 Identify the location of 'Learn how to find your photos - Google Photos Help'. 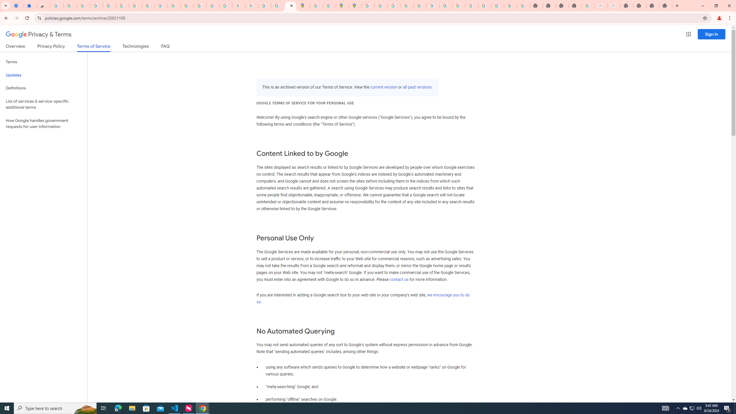
(96, 5).